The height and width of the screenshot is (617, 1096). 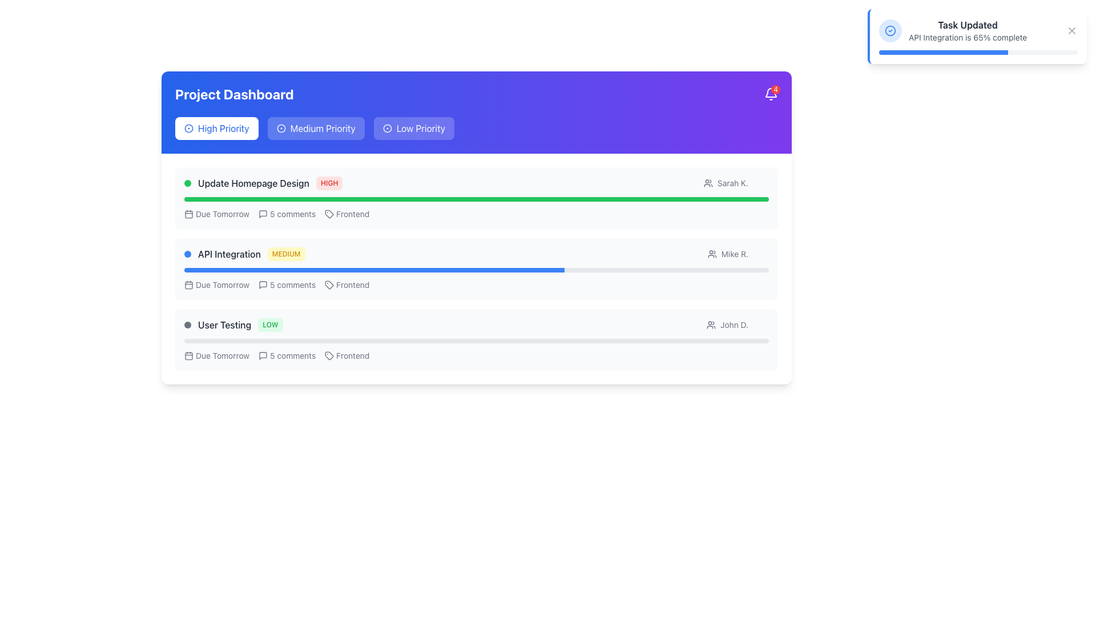 I want to click on the text label displaying 'John D.', so click(x=734, y=325).